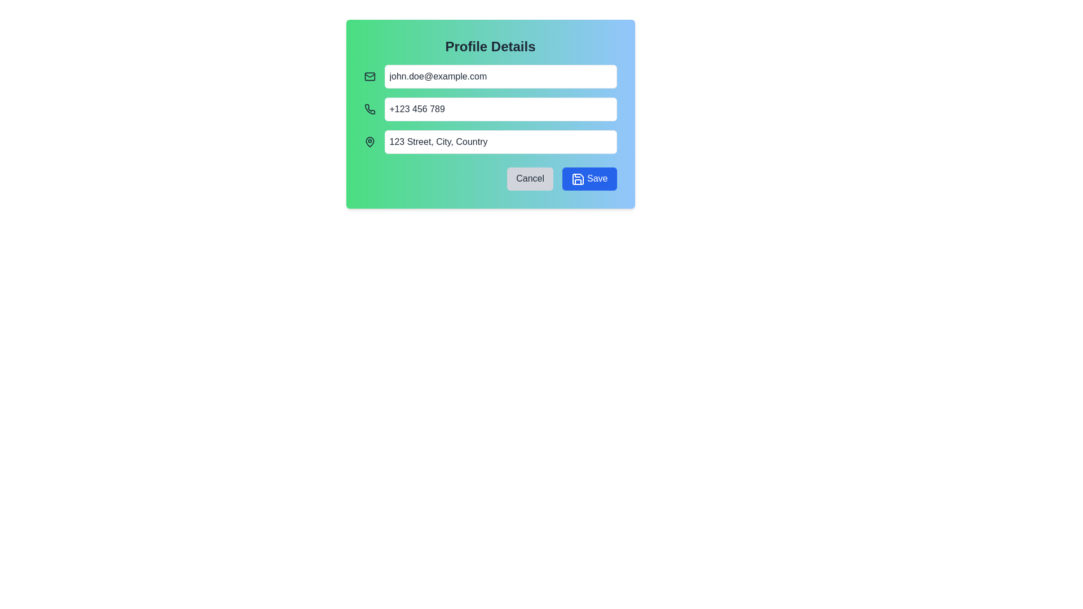  Describe the element at coordinates (369, 76) in the screenshot. I see `the envelope body element, which is a rectangular icon with a green background representing the email category, located near the top-left area of the form layout` at that location.